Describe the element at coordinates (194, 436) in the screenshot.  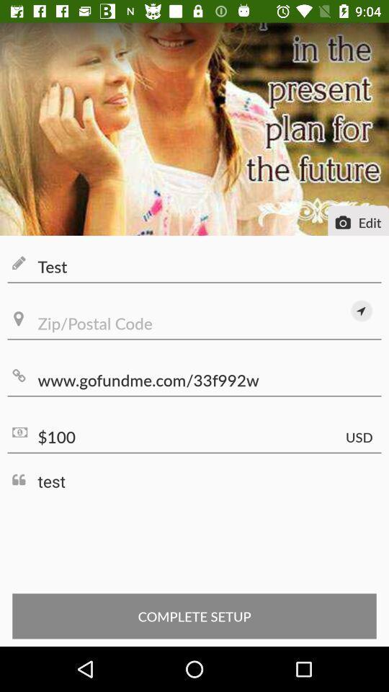
I see `the item below www gofundme com item` at that location.